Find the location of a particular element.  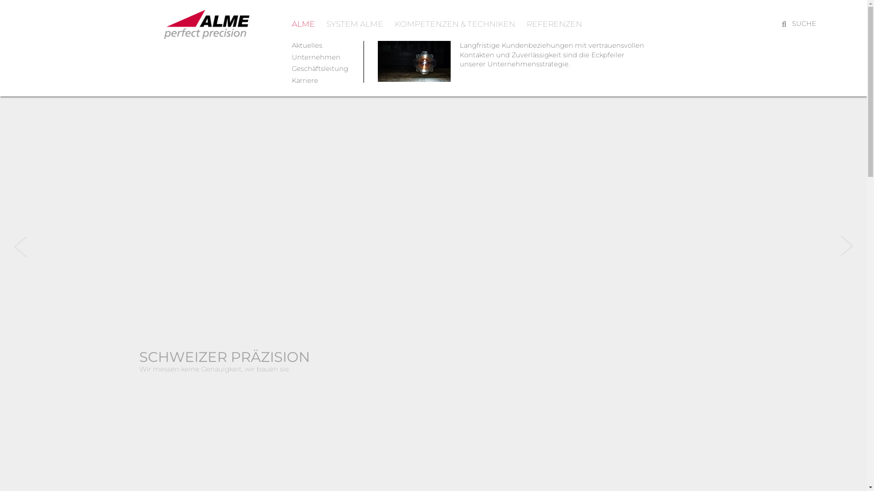

'Karriere' is located at coordinates (304, 80).